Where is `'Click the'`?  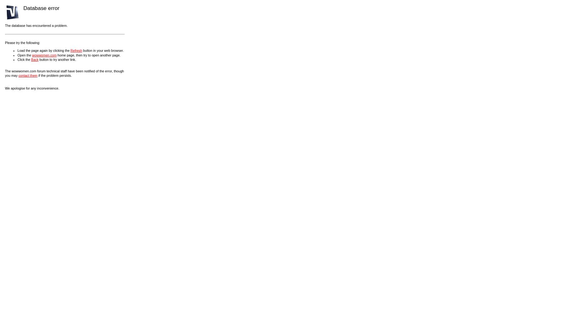
'Click the' is located at coordinates (24, 59).